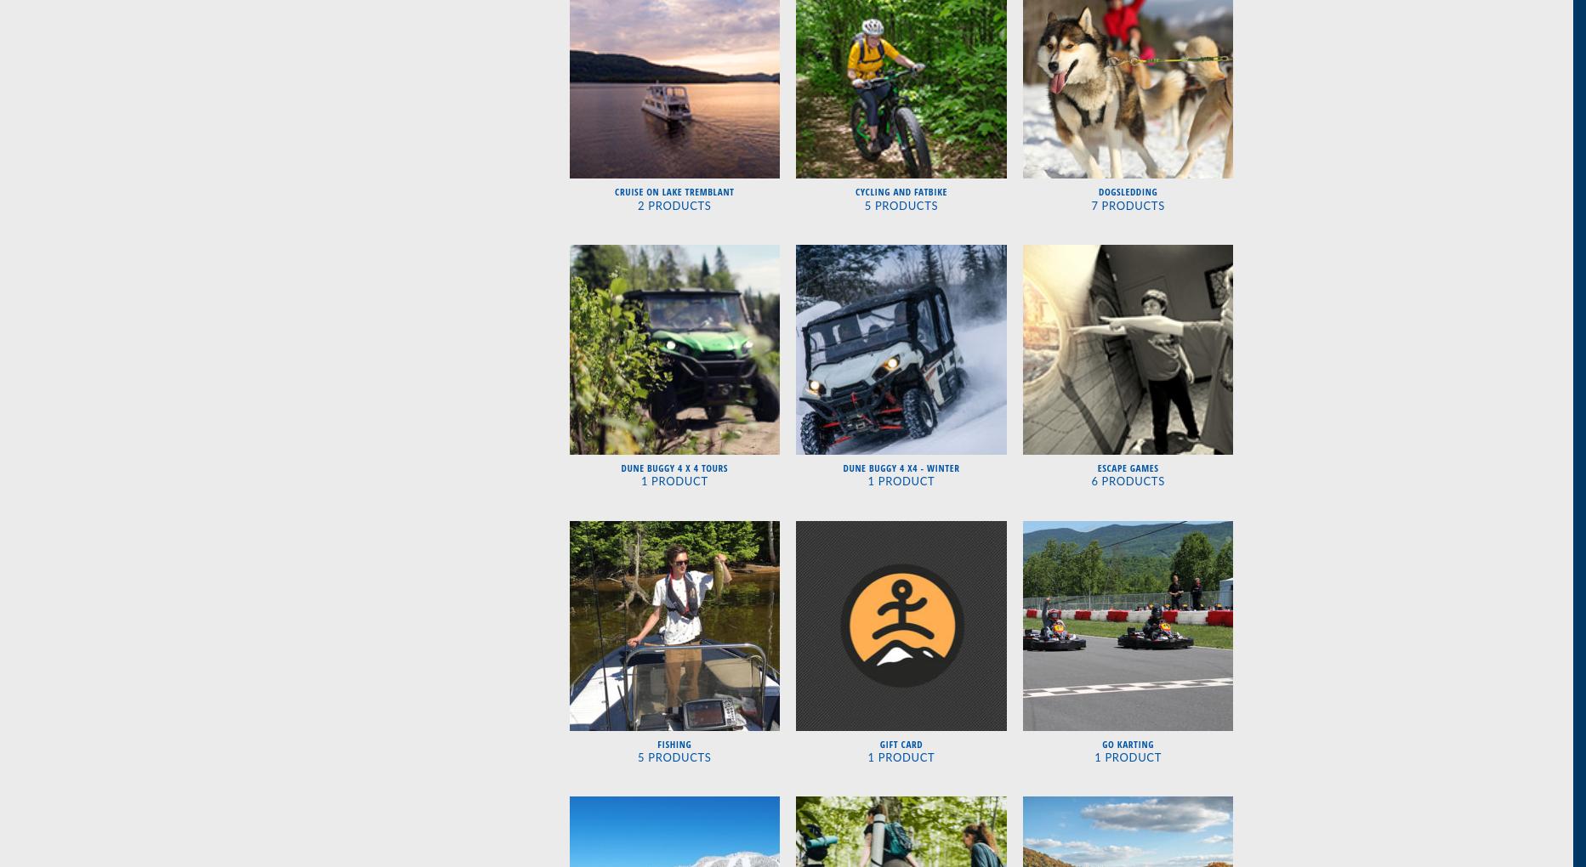 The image size is (1586, 867). I want to click on '7 Products', so click(1127, 206).